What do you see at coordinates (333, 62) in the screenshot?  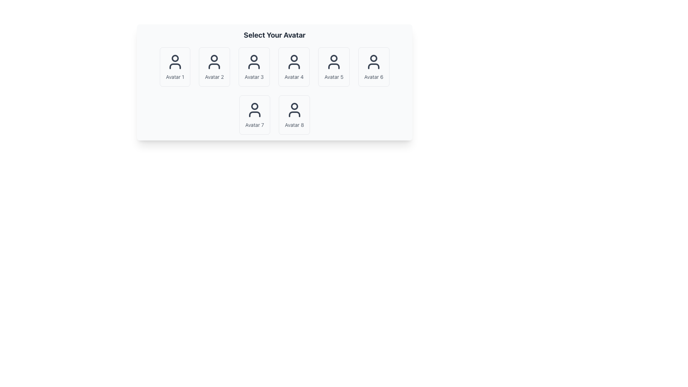 I see `the human figure icon representing Avatar 5` at bounding box center [333, 62].